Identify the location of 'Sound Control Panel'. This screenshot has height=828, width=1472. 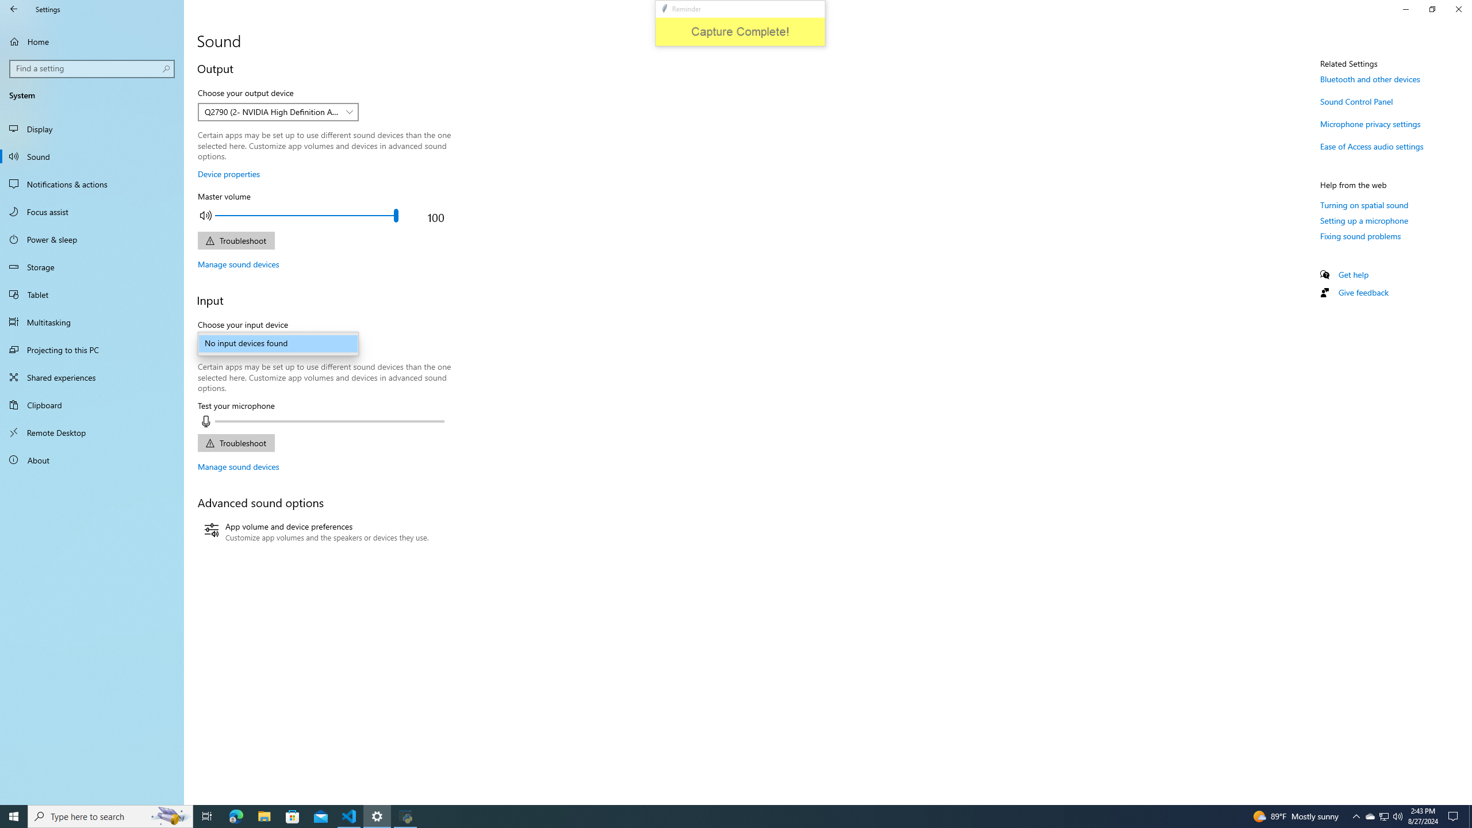
(1356, 101).